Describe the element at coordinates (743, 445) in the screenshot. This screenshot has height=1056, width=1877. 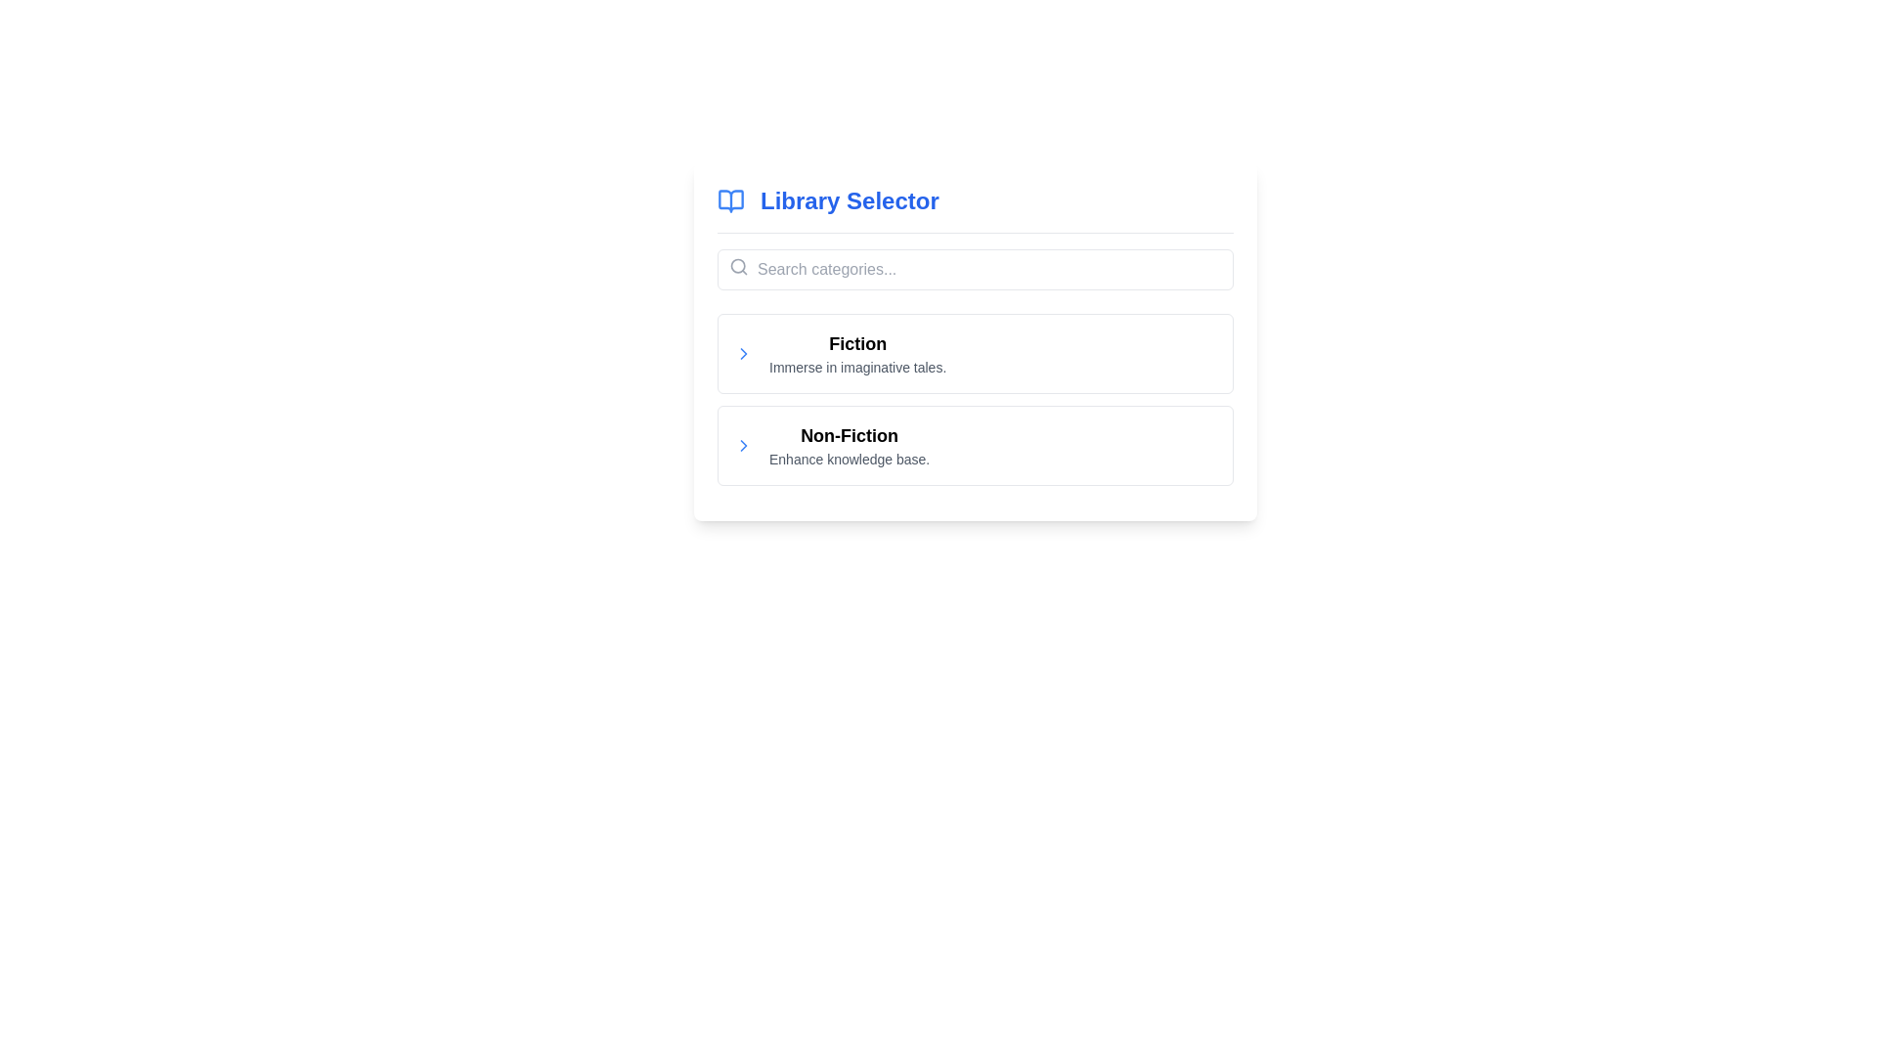
I see `the chevron icon on the left of the 'Non-Fiction' row` at that location.